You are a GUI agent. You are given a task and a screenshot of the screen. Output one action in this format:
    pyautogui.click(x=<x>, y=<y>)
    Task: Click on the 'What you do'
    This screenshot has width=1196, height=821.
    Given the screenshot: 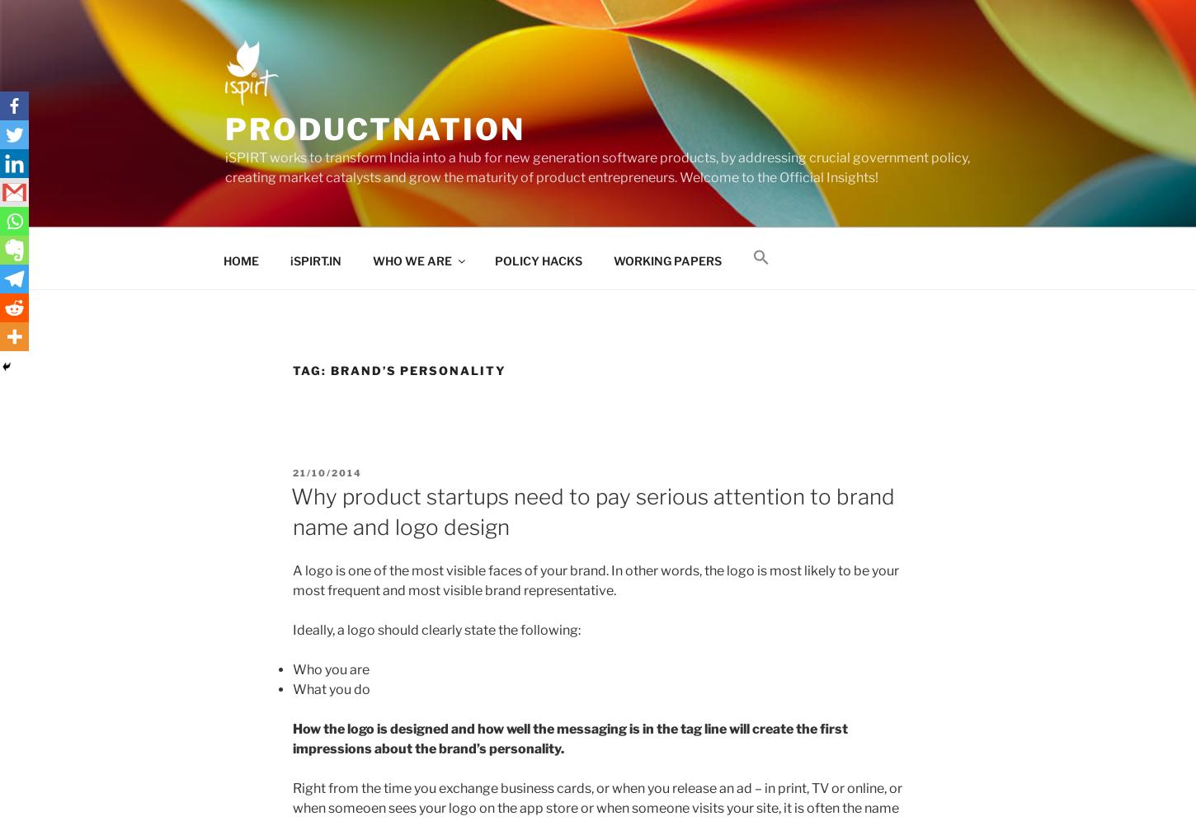 What is the action you would take?
    pyautogui.click(x=330, y=688)
    